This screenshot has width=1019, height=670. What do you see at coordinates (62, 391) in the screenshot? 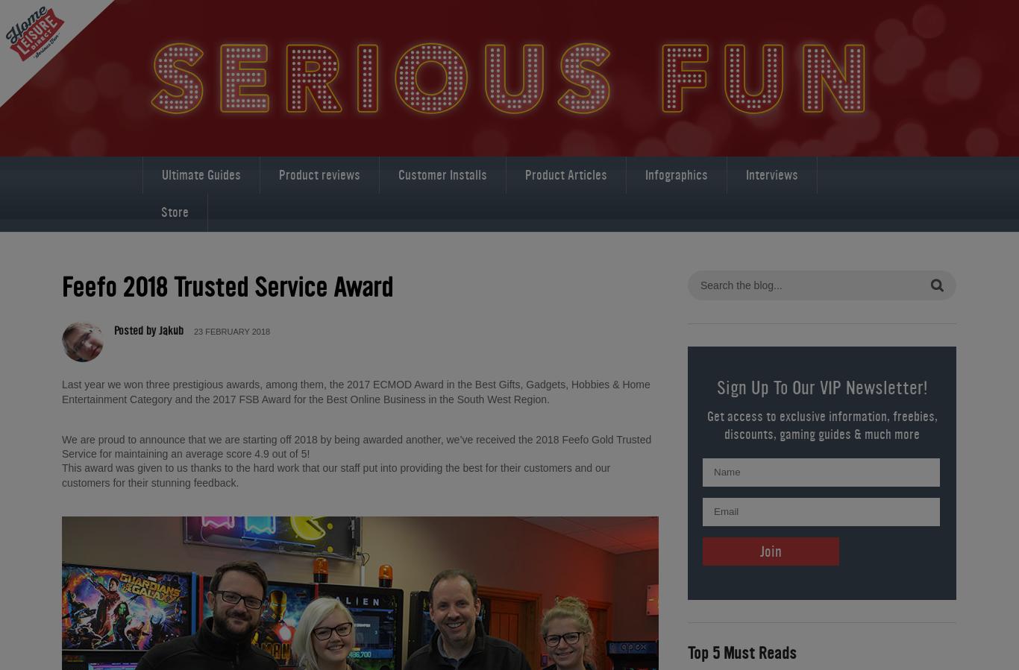
I see `'Last year we won three prestigious awards, among them, the 2017 ECMOD Award in the Best Gifts, Gadgets, Hobbies & Home Entertainment Category and the 2017 FSB Award for the Best Online Business in the South West Region.'` at bounding box center [62, 391].